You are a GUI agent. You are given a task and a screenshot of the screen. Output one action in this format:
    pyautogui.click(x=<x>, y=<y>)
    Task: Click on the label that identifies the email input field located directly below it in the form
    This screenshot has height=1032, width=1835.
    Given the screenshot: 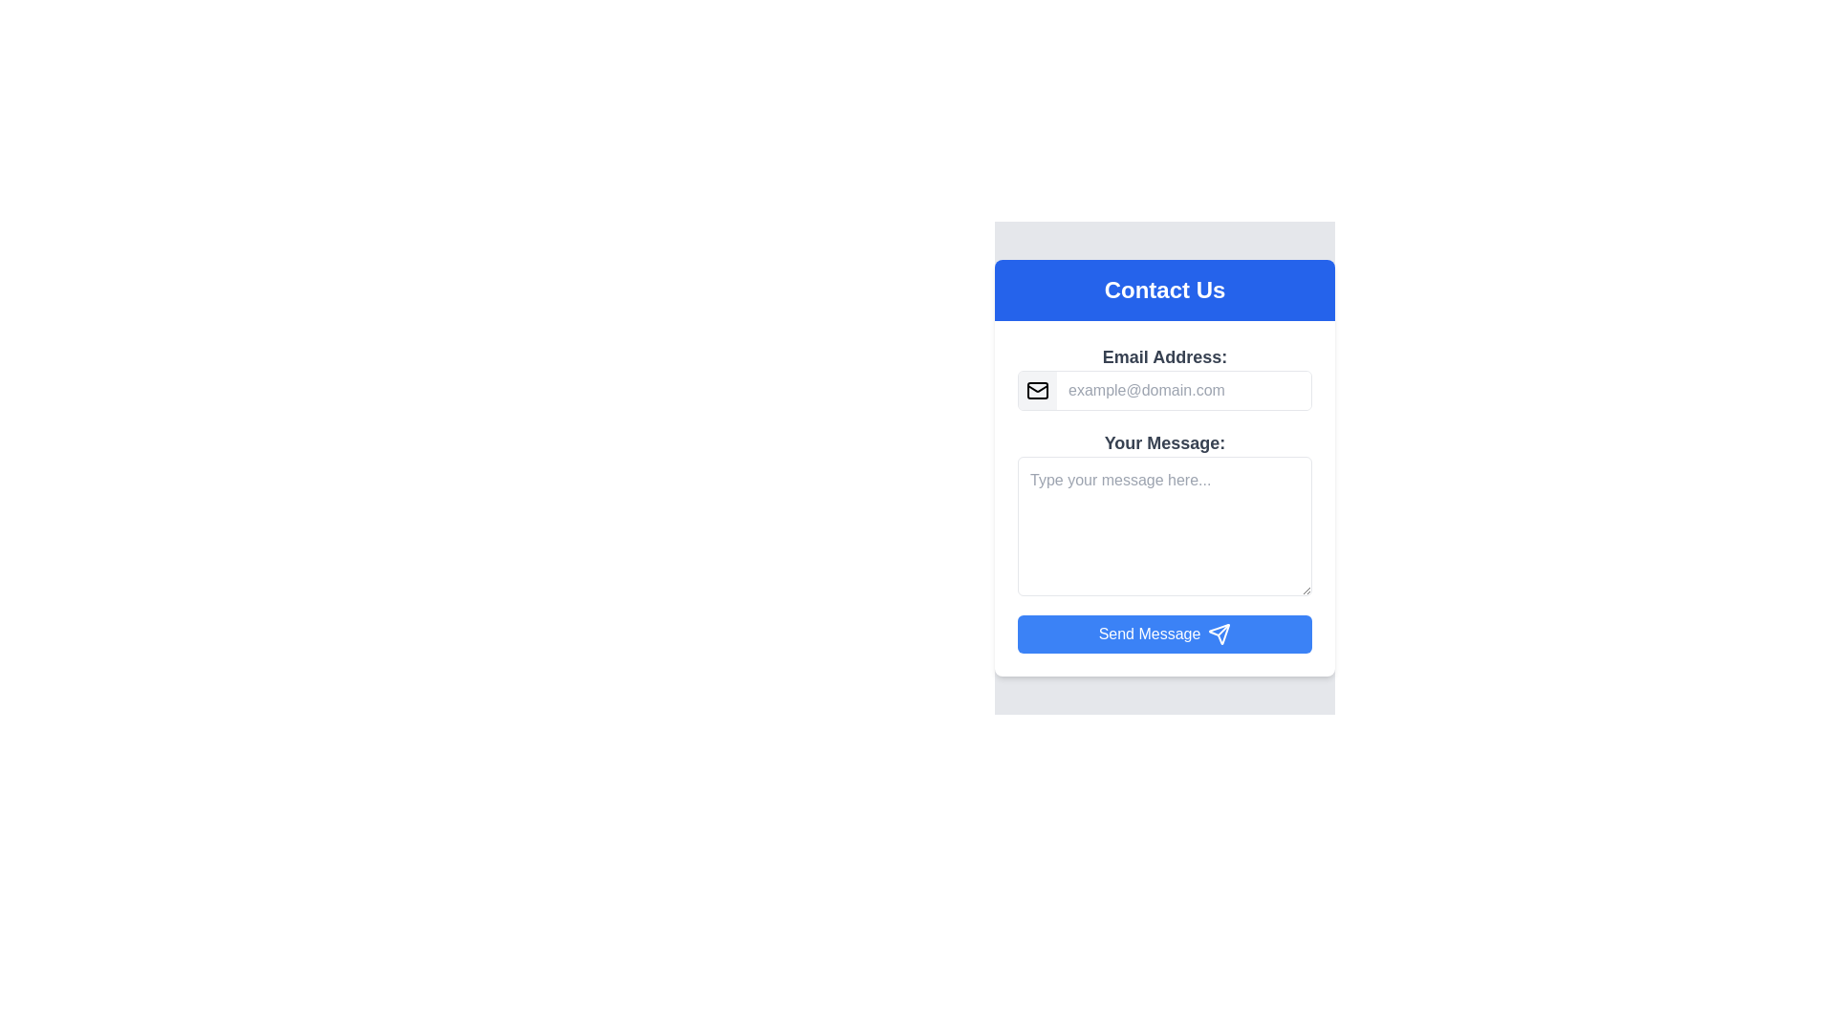 What is the action you would take?
    pyautogui.click(x=1164, y=357)
    